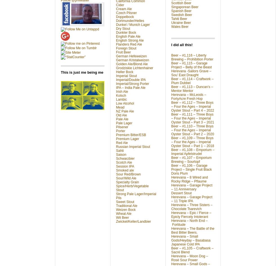 The width and height of the screenshot is (276, 266). Describe the element at coordinates (171, 250) in the screenshot. I see `'Beer – #1,105 – Craftwork – Sacré Blend'` at that location.